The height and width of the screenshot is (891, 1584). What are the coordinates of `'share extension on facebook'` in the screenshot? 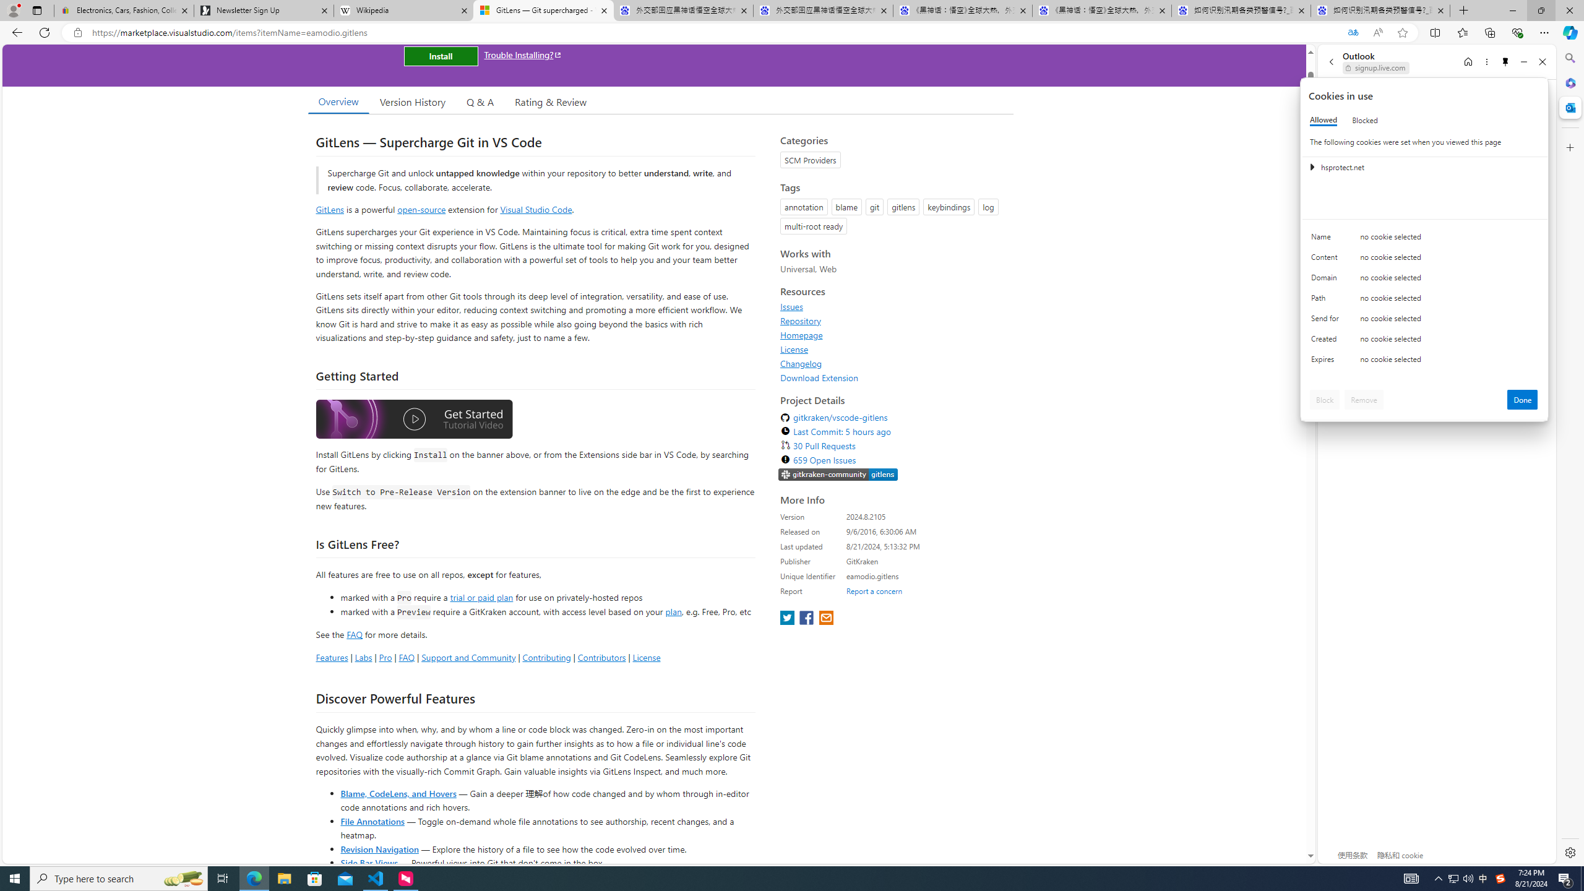 It's located at (807, 618).